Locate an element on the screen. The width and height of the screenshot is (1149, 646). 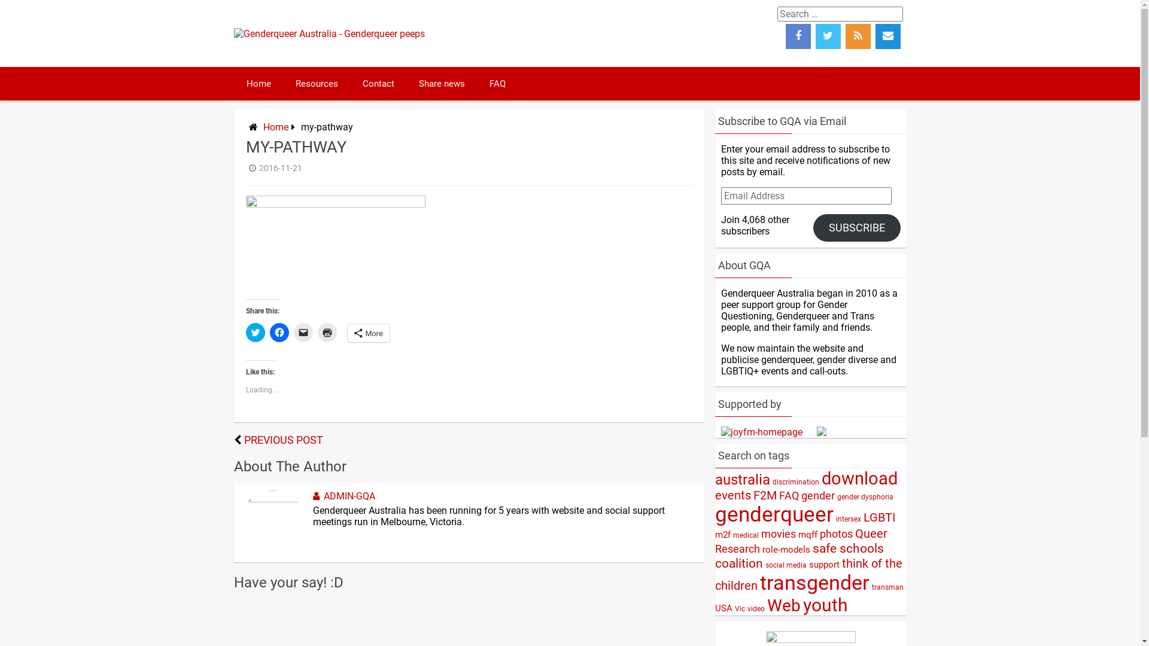
'Genderqueer Australia' is located at coordinates (329, 33).